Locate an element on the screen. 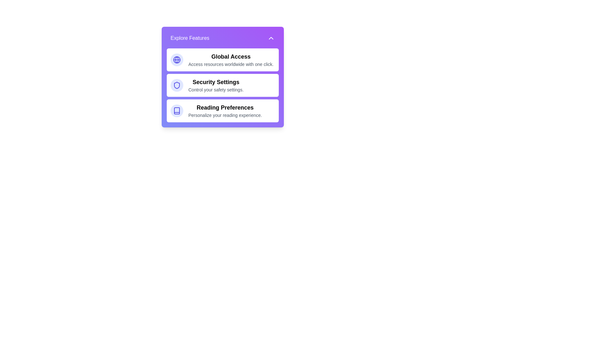 The height and width of the screenshot is (344, 611). the curved line forming part of the globe icon in the top-left icon of the feature menu is located at coordinates (177, 60).